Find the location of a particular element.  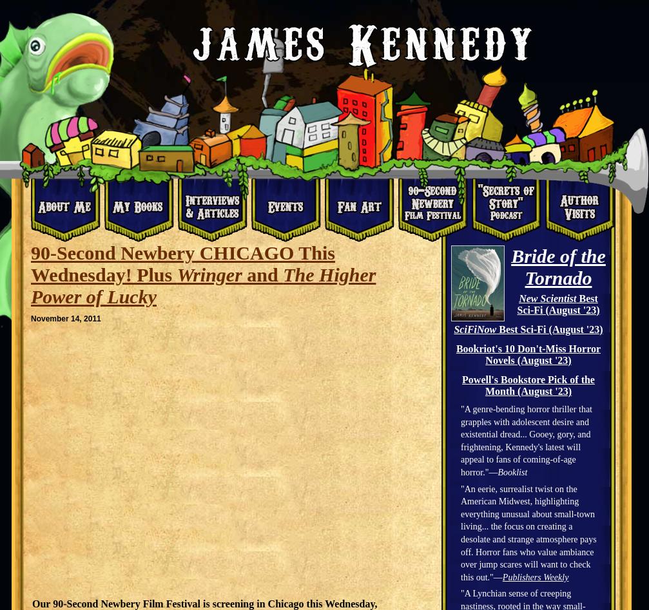

'Booklist' is located at coordinates (512, 471).